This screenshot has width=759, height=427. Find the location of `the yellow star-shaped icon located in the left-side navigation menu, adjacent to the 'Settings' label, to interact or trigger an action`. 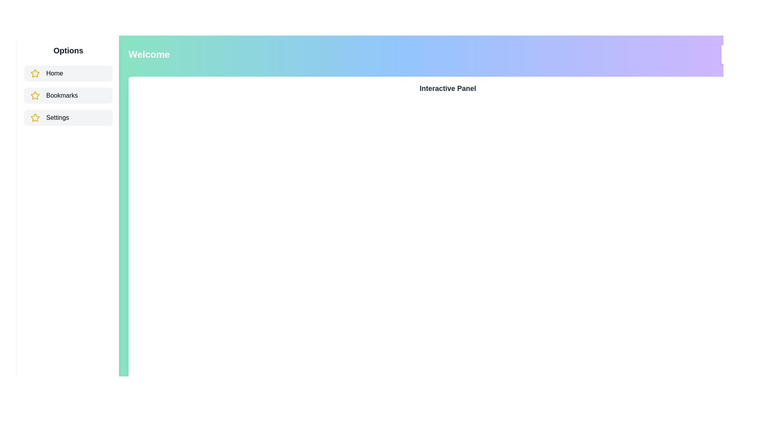

the yellow star-shaped icon located in the left-side navigation menu, adjacent to the 'Settings' label, to interact or trigger an action is located at coordinates (35, 95).